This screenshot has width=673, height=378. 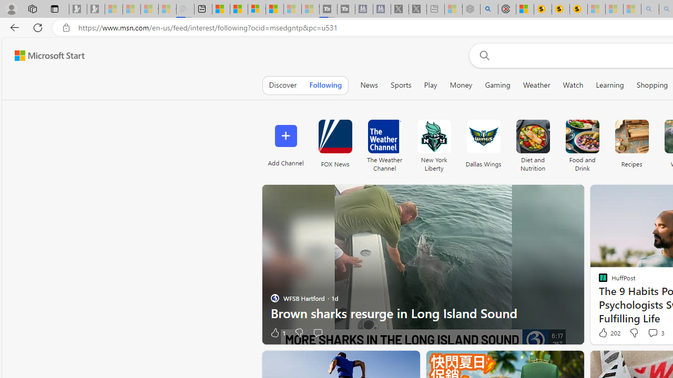 I want to click on 'Wildlife - MSN - Sleeping', so click(x=453, y=9).